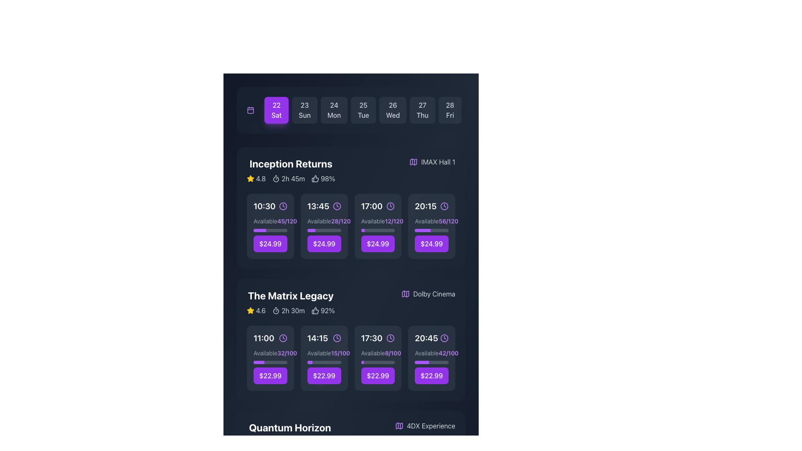 This screenshot has height=451, width=802. What do you see at coordinates (425, 426) in the screenshot?
I see `the '4DX Experience' label with icon located at the bottom right corner of the 'Quantum Horizon' section` at bounding box center [425, 426].